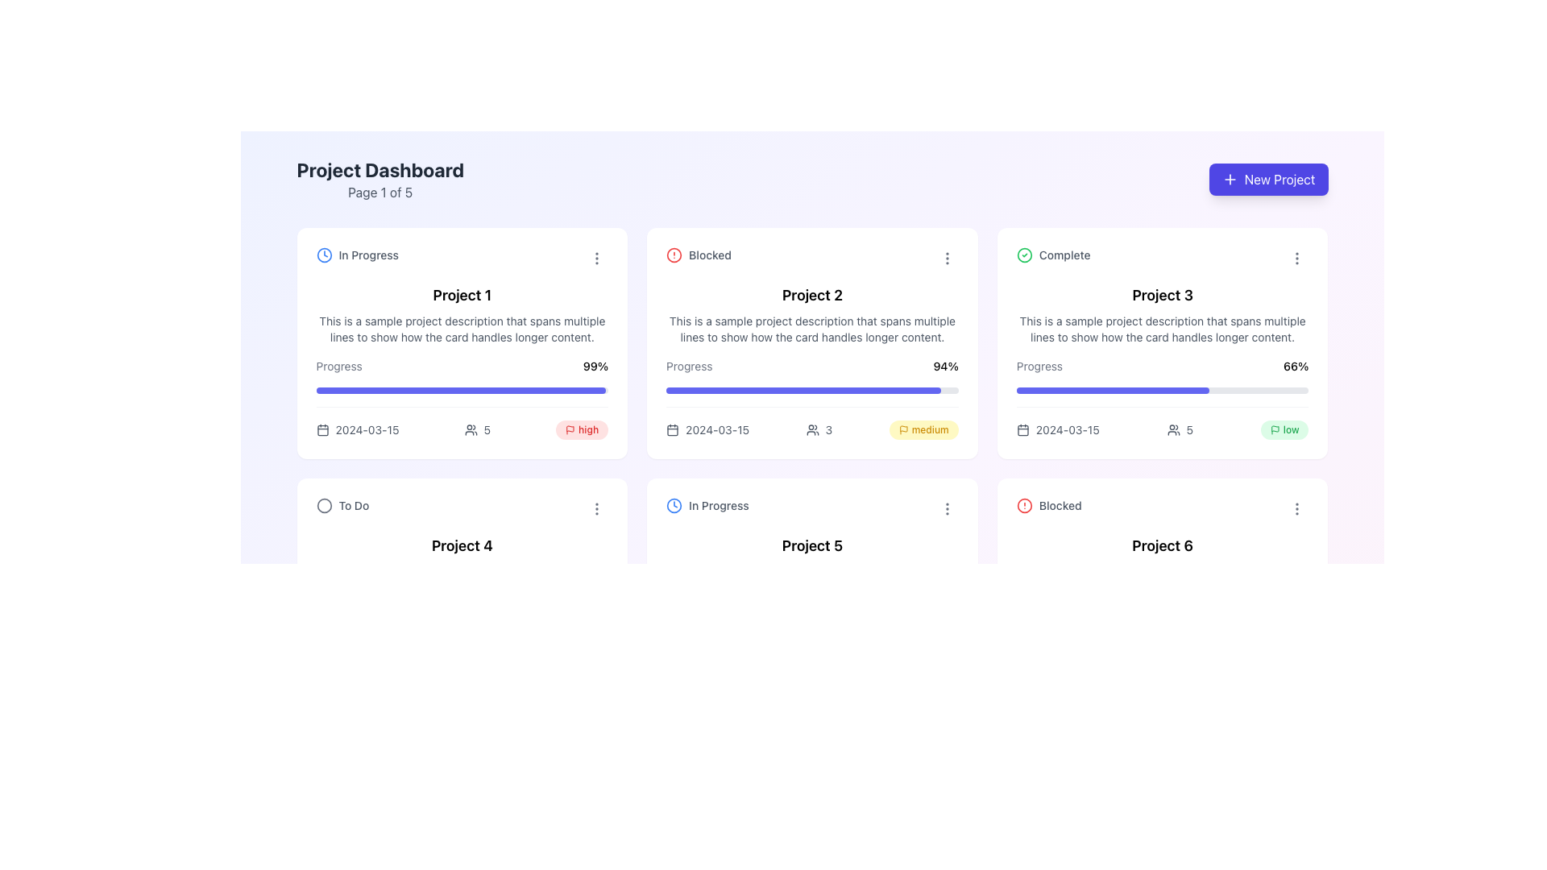  What do you see at coordinates (716, 429) in the screenshot?
I see `date displayed in the Text label adjacent to the calendar icon, located beneath the progress bar of 'Project 2'` at bounding box center [716, 429].